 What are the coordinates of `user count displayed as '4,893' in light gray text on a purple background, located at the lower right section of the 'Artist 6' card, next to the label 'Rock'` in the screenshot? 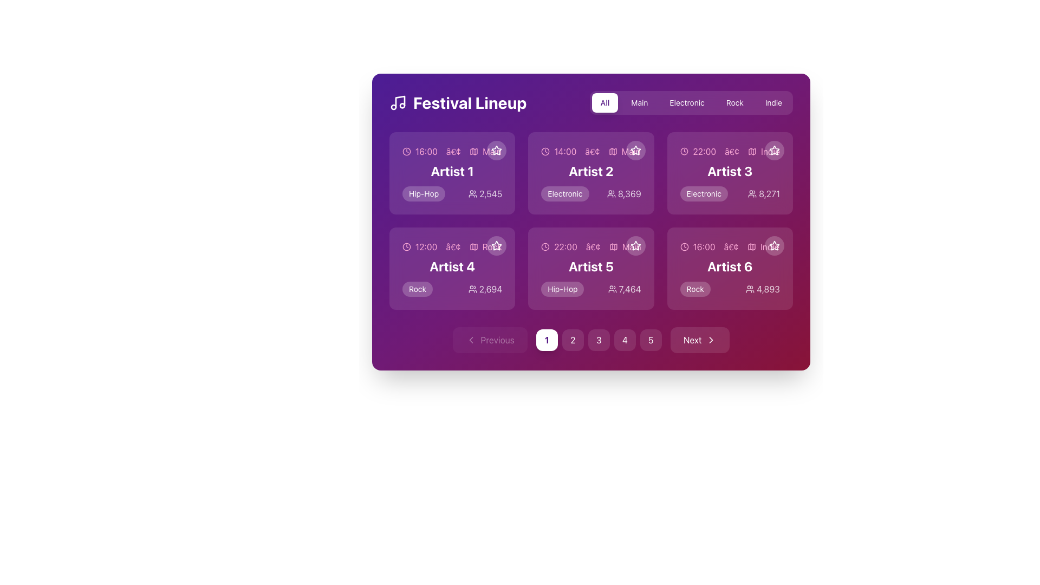 It's located at (762, 288).